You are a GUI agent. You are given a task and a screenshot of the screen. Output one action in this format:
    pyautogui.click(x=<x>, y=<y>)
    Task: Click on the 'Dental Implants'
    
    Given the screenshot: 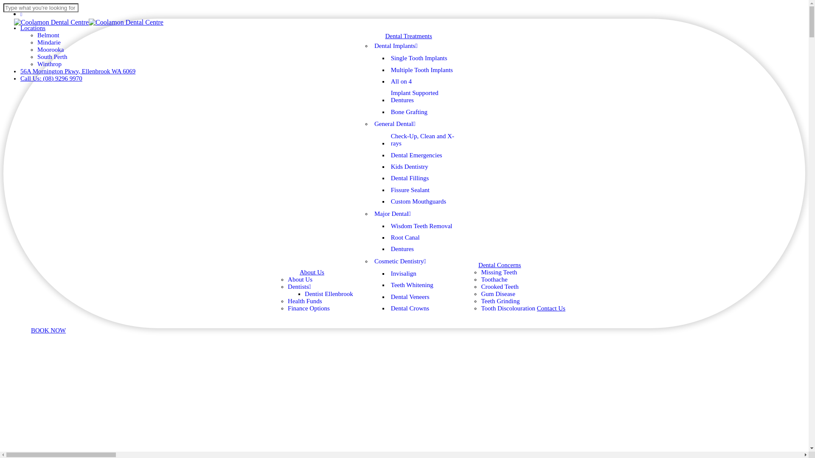 What is the action you would take?
    pyautogui.click(x=396, y=46)
    